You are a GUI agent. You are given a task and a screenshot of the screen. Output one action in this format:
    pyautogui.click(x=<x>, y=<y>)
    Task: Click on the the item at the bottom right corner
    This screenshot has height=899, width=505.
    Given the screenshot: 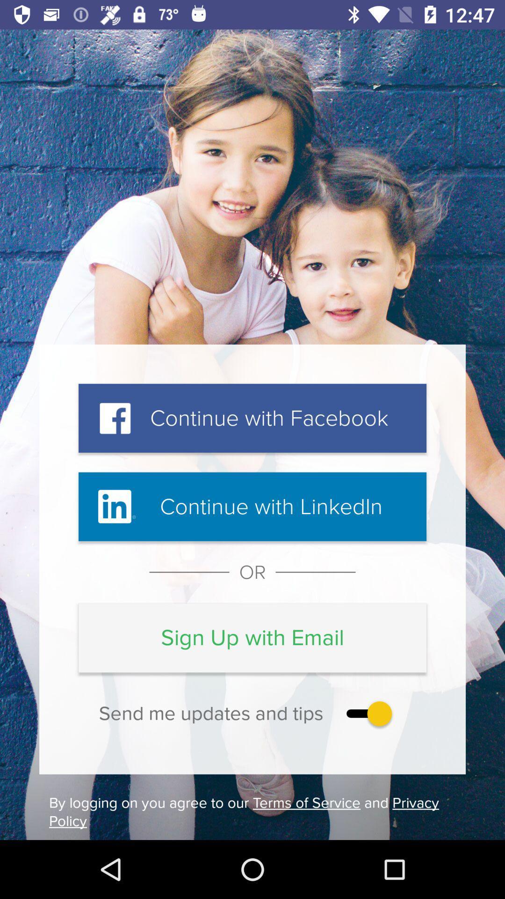 What is the action you would take?
    pyautogui.click(x=367, y=713)
    